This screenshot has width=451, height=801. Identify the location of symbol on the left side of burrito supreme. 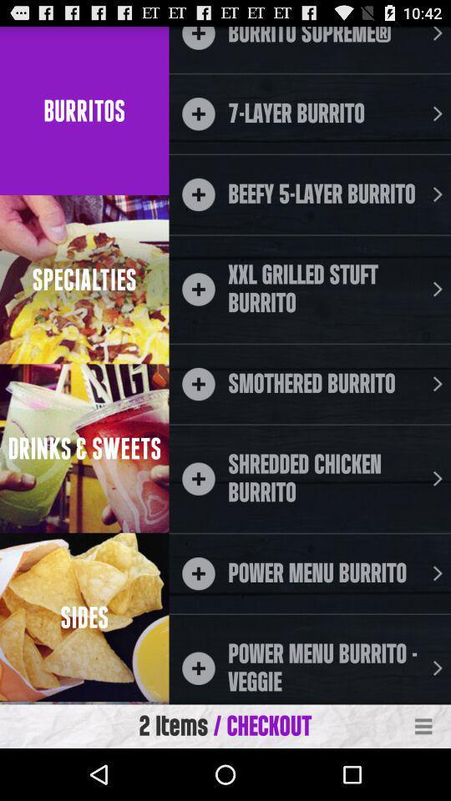
(198, 37).